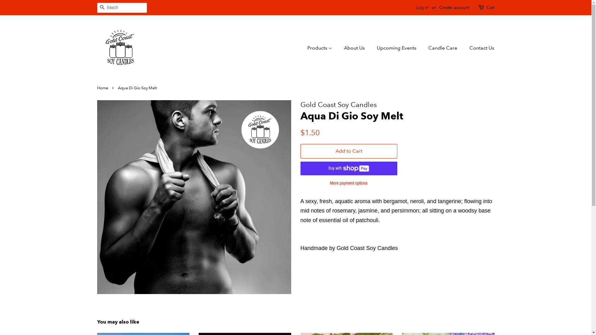  I want to click on 'Candle Care', so click(423, 47).